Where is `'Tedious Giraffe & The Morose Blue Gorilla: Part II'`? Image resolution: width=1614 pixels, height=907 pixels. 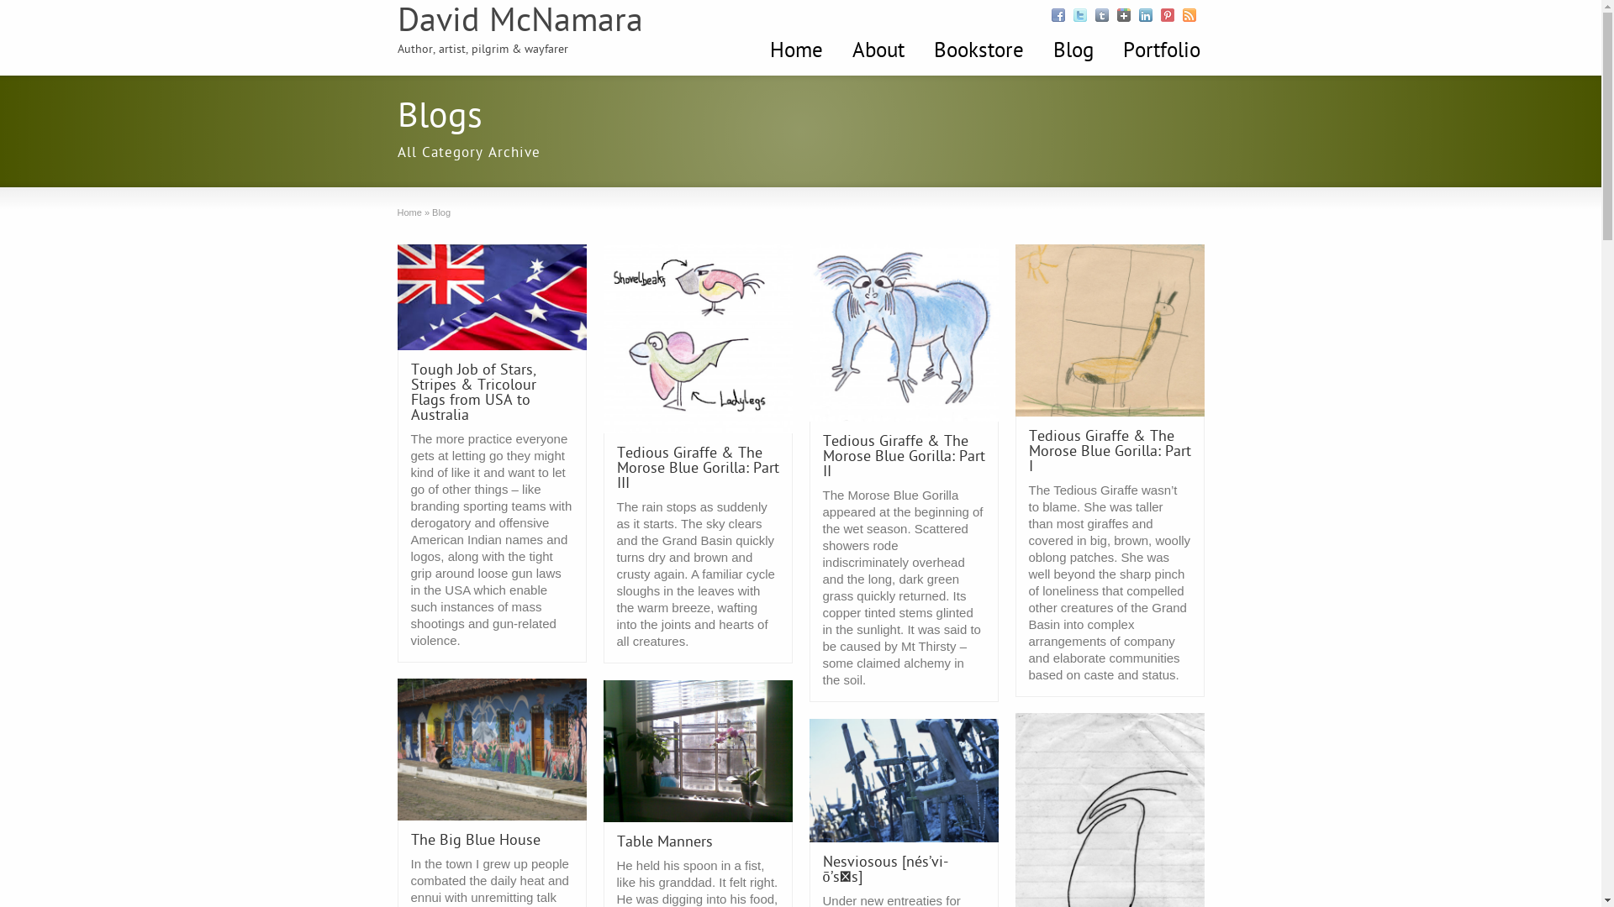 'Tedious Giraffe & The Morose Blue Gorilla: Part II' is located at coordinates (902, 457).